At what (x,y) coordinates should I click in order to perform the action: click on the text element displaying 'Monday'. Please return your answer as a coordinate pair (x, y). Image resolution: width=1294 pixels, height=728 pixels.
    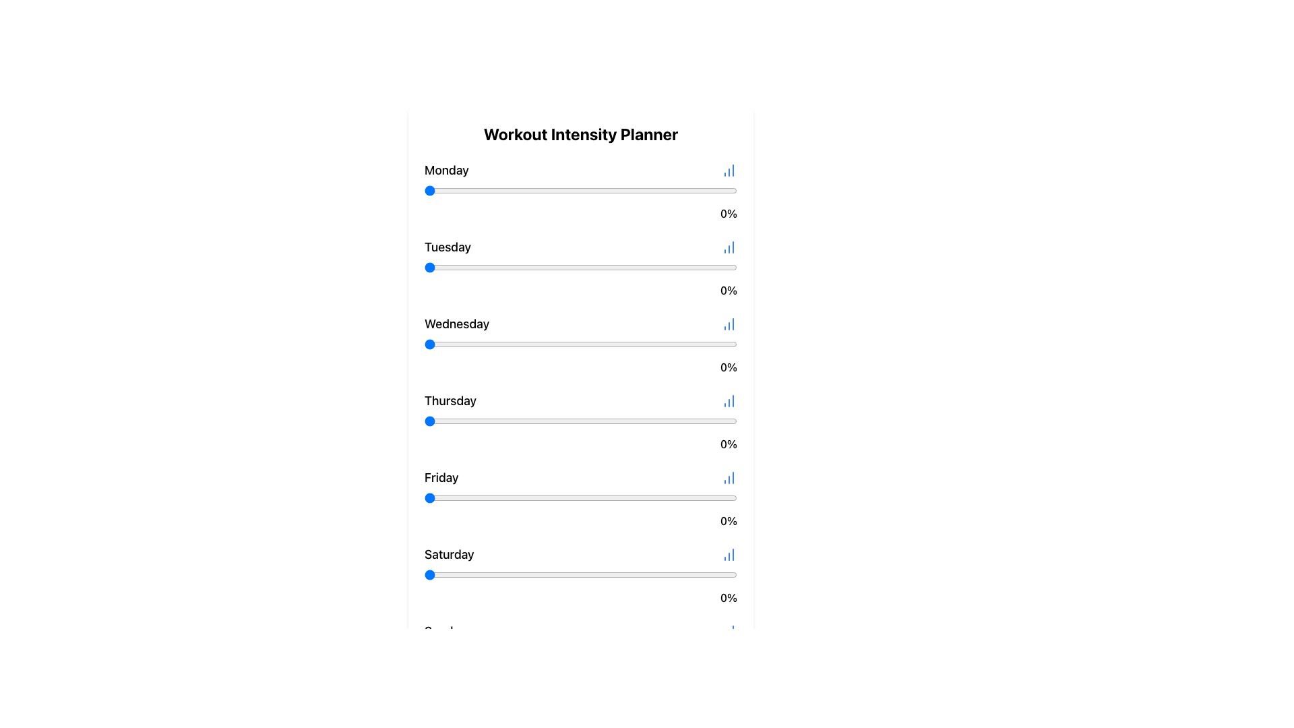
    Looking at the image, I should click on (446, 170).